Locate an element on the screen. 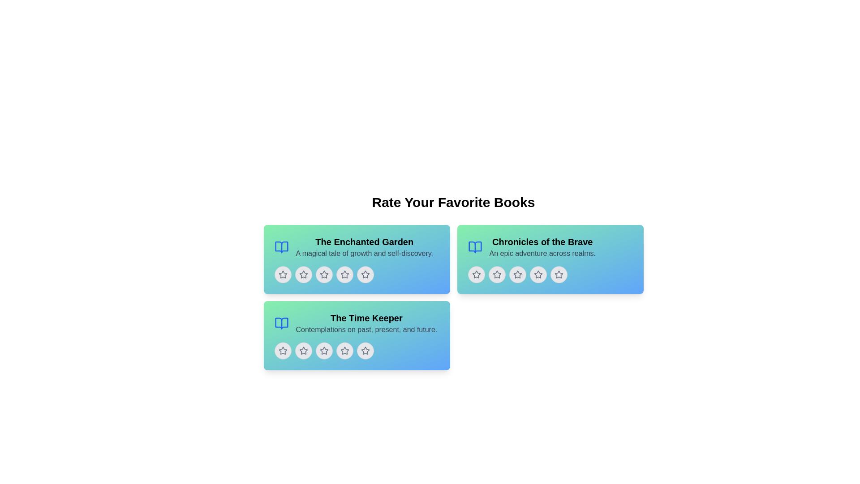 This screenshot has height=484, width=860. the fourth star-shaped rating button in the 'Rate Your Favorite Books' section is located at coordinates (344, 274).